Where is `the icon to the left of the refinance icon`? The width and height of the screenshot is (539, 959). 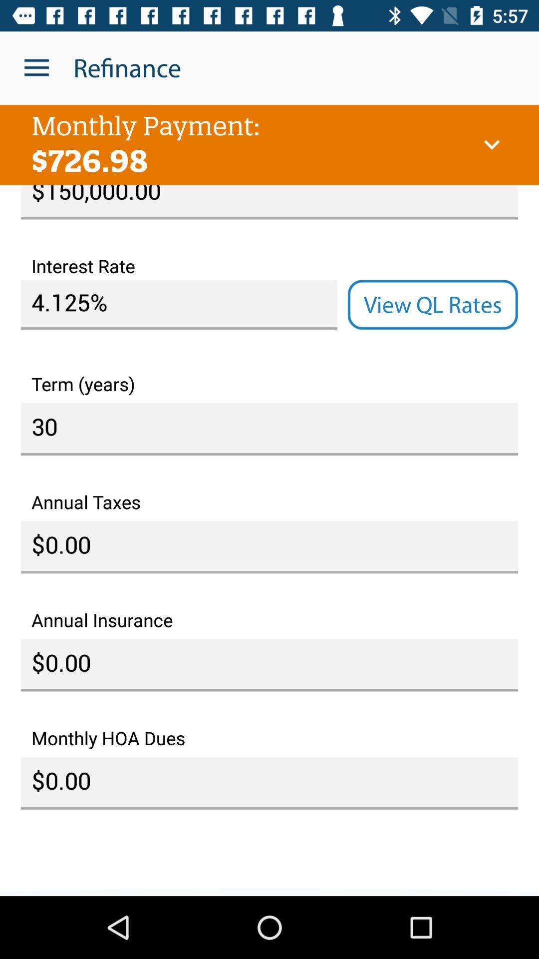 the icon to the left of the refinance icon is located at coordinates (36, 67).